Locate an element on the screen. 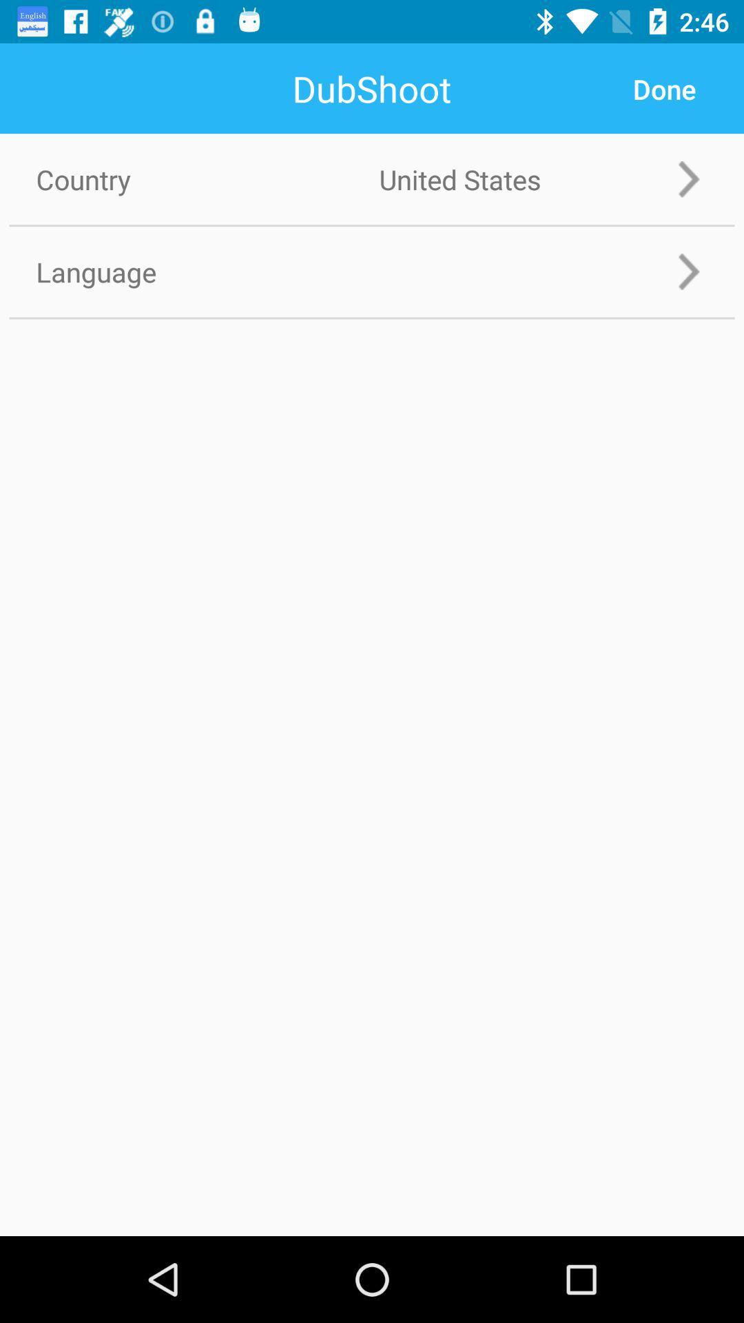  the icon above the united states app is located at coordinates (663, 88).